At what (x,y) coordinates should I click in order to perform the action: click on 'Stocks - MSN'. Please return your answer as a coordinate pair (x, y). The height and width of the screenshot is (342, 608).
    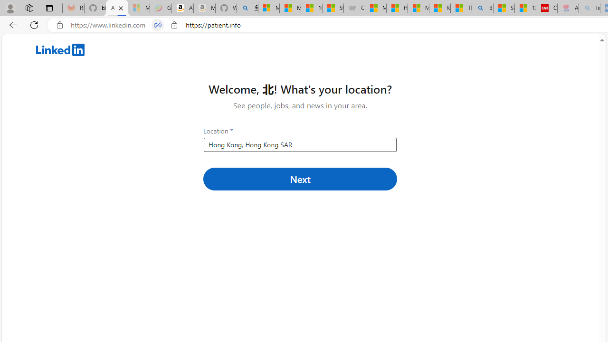
    Looking at the image, I should click on (332, 8).